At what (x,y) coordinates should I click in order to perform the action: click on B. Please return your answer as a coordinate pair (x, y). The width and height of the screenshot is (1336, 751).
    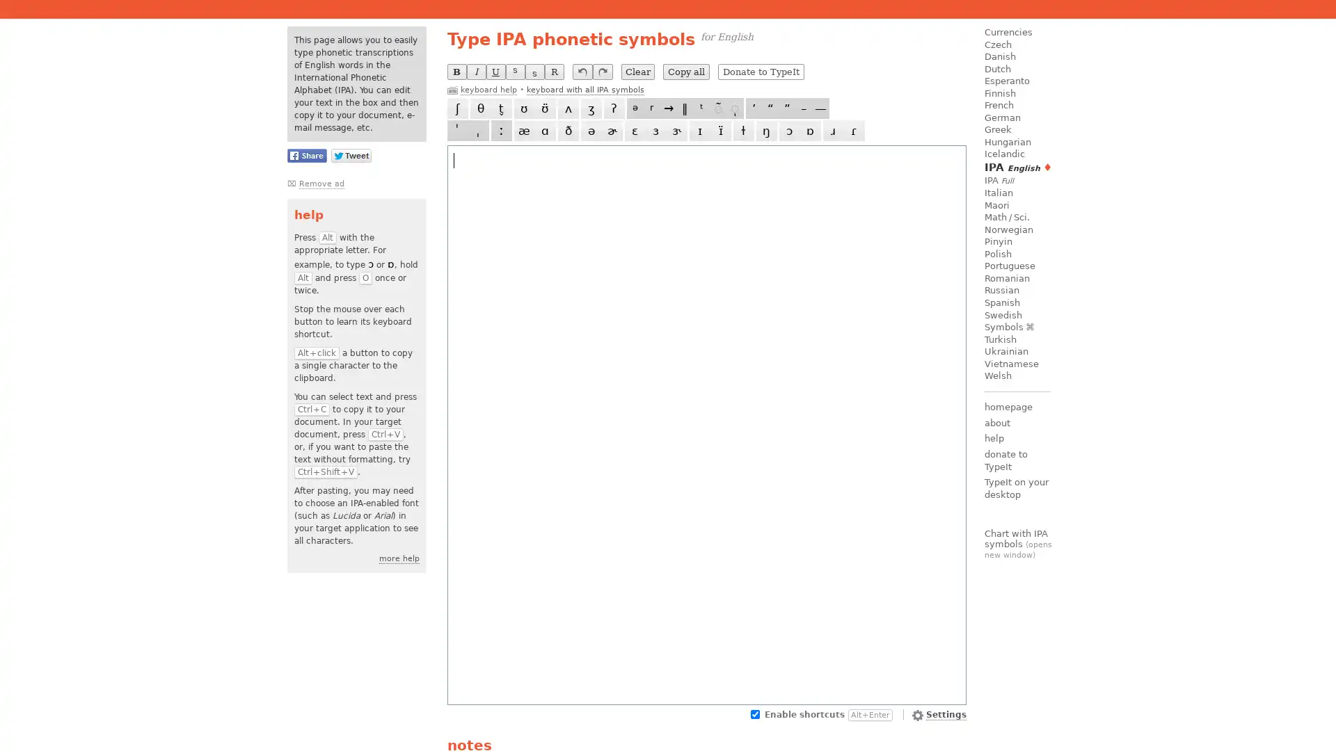
    Looking at the image, I should click on (456, 72).